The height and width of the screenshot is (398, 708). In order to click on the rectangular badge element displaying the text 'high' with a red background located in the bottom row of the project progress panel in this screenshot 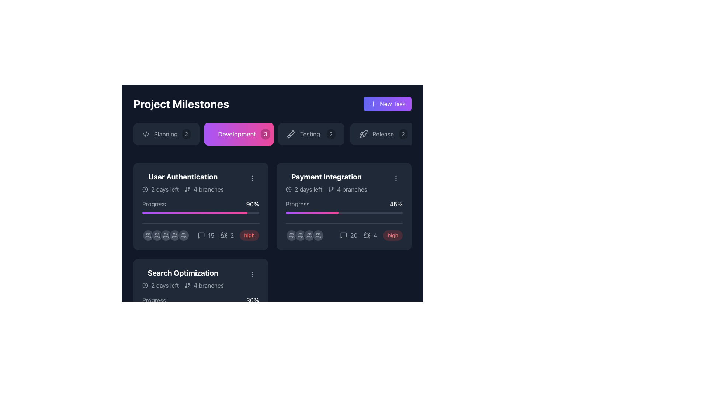, I will do `click(249, 235)`.